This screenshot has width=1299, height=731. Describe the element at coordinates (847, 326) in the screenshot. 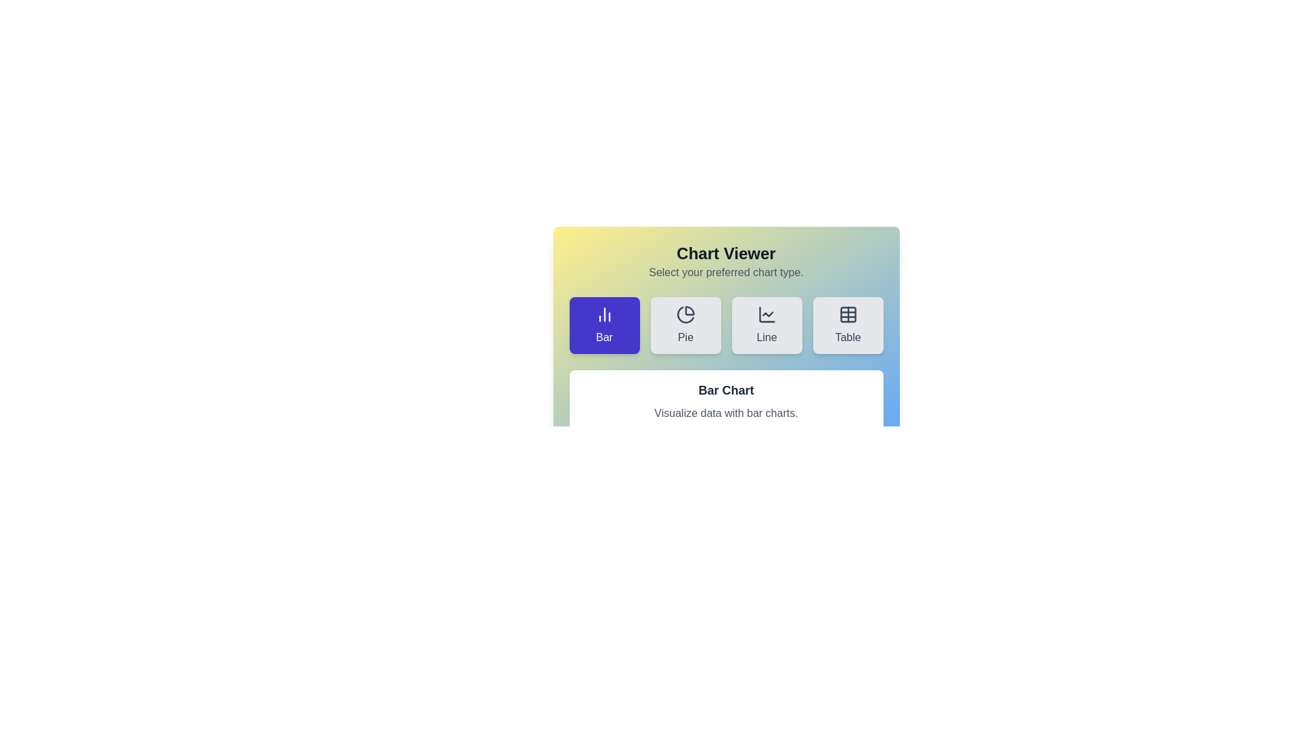

I see `the 'Table' button, which is a rectangular button with a soft gray background and rounded corners, featuring a table grid icon and the text 'Table' beneath it, positioned as the rightmost button in a horizontal row` at that location.